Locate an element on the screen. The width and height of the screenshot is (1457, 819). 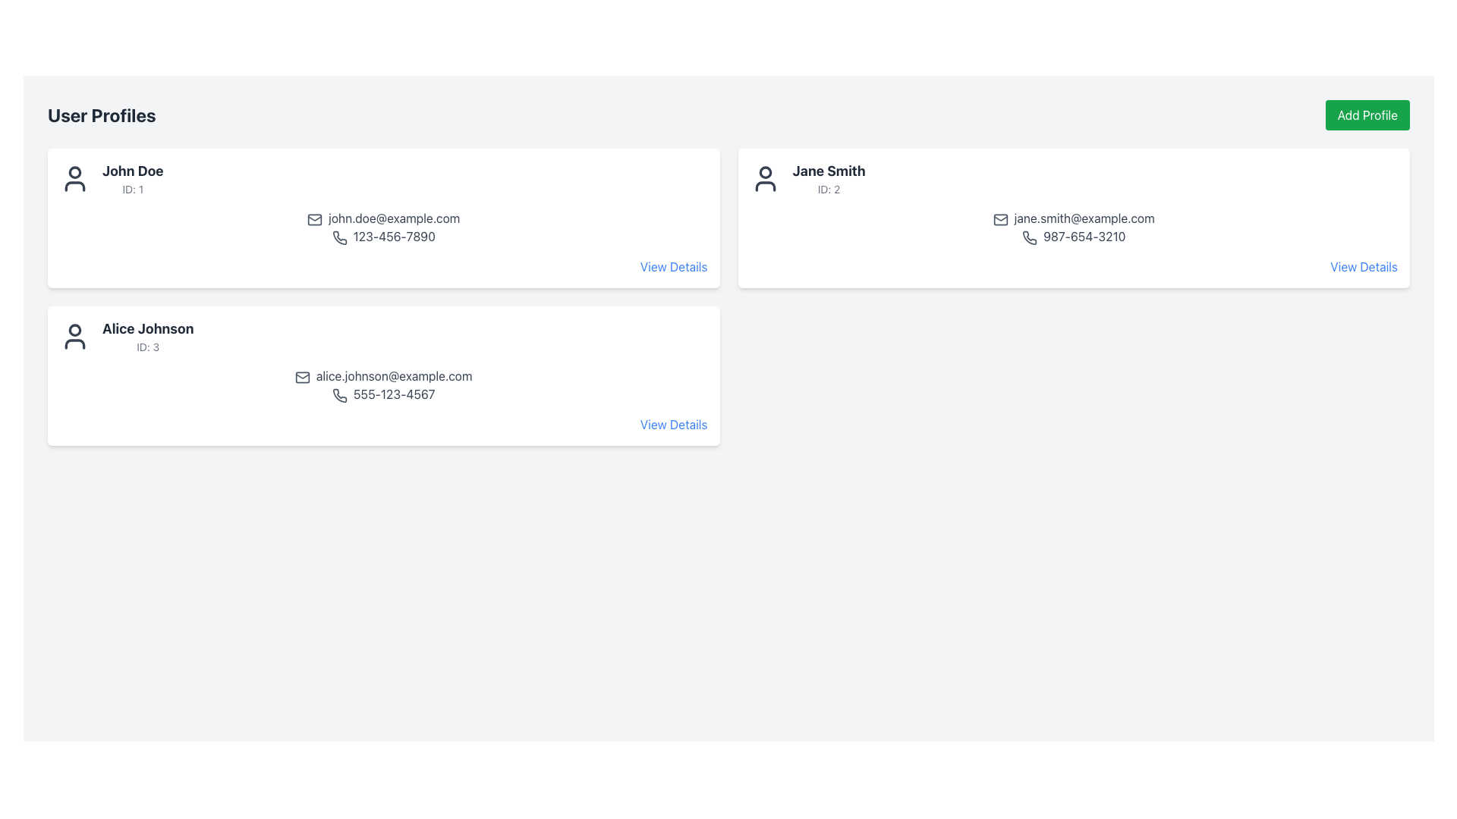
contact details displayed in the second profile card's text with icons element, which includes an email address with an envelope icon and a phone number with a phone icon is located at coordinates (1073, 227).